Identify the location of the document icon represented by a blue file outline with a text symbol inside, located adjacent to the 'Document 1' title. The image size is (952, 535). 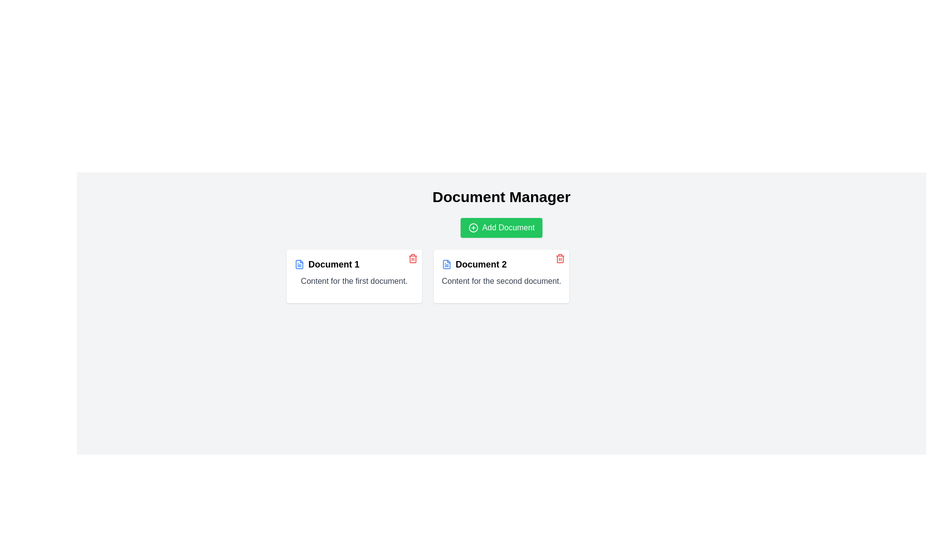
(298, 264).